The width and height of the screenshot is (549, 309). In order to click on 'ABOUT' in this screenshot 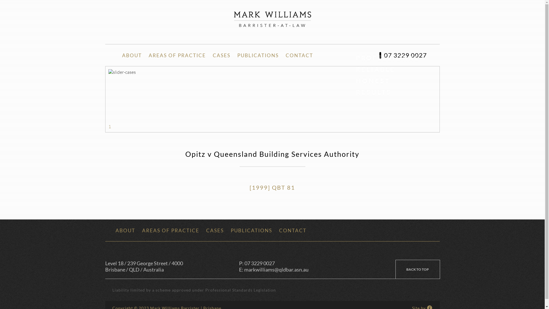, I will do `click(125, 230)`.